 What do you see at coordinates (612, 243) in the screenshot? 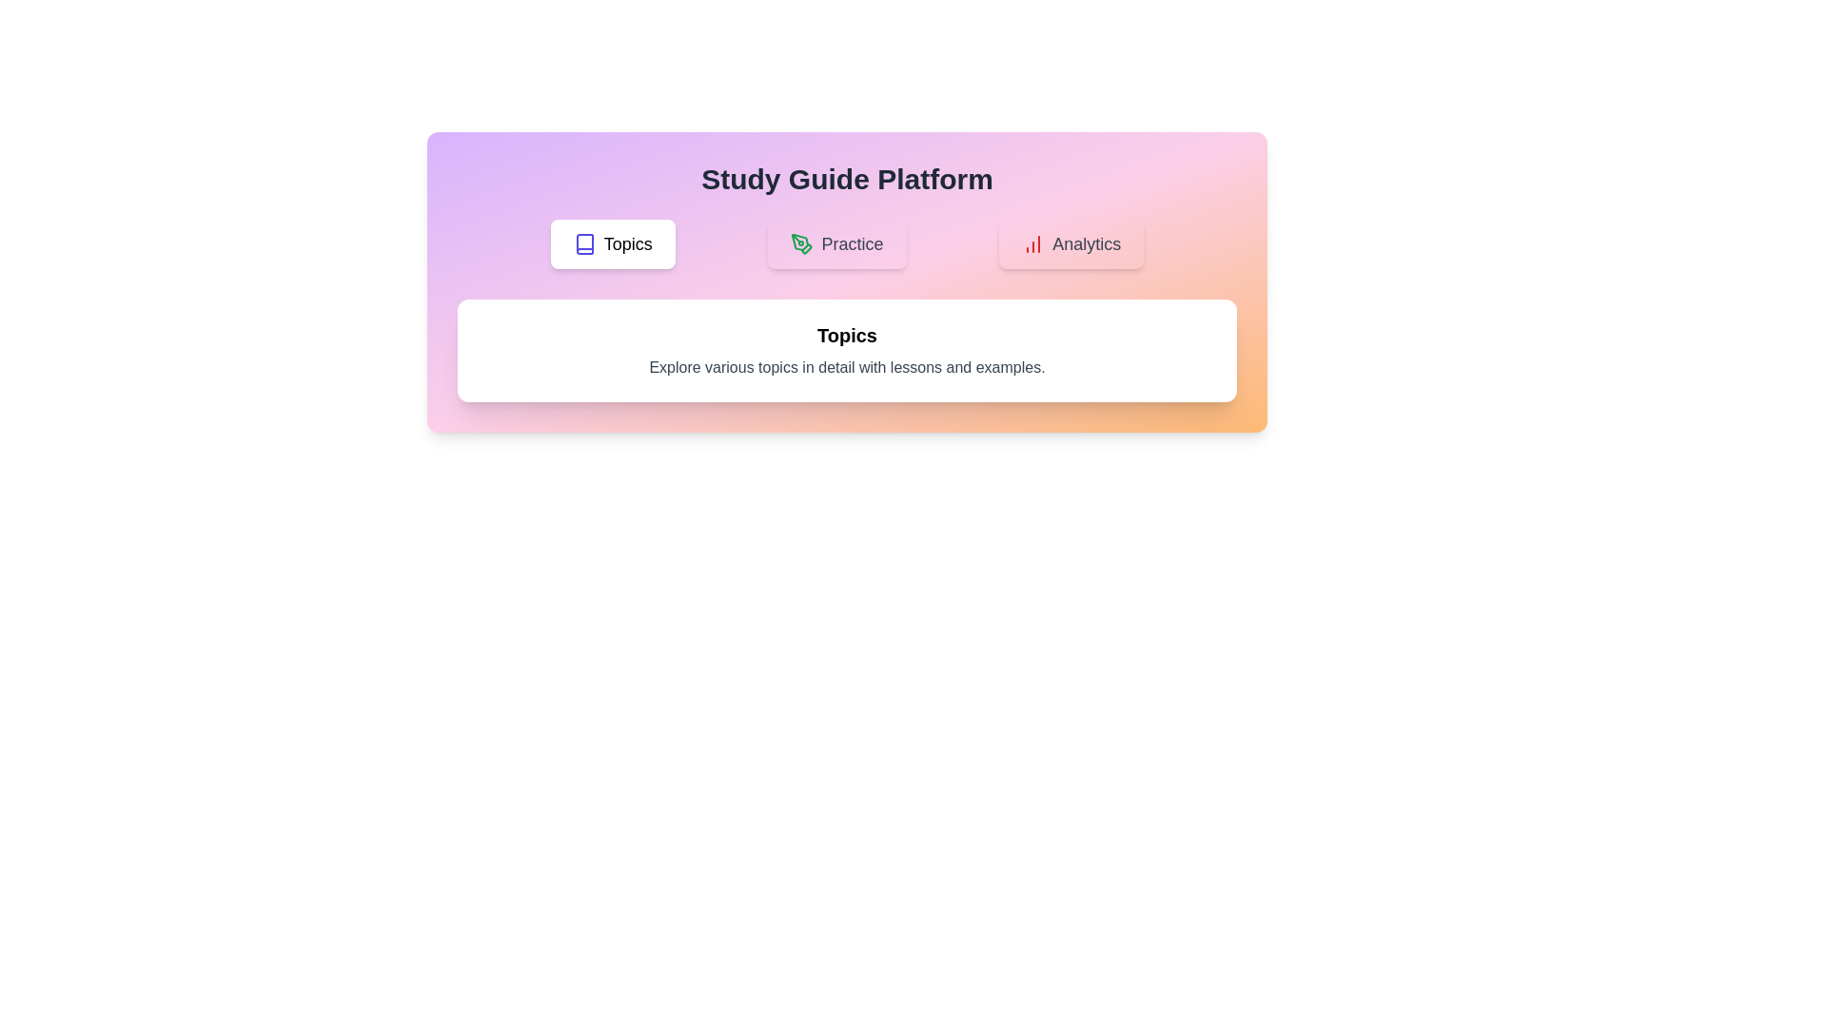
I see `the Topics tab` at bounding box center [612, 243].